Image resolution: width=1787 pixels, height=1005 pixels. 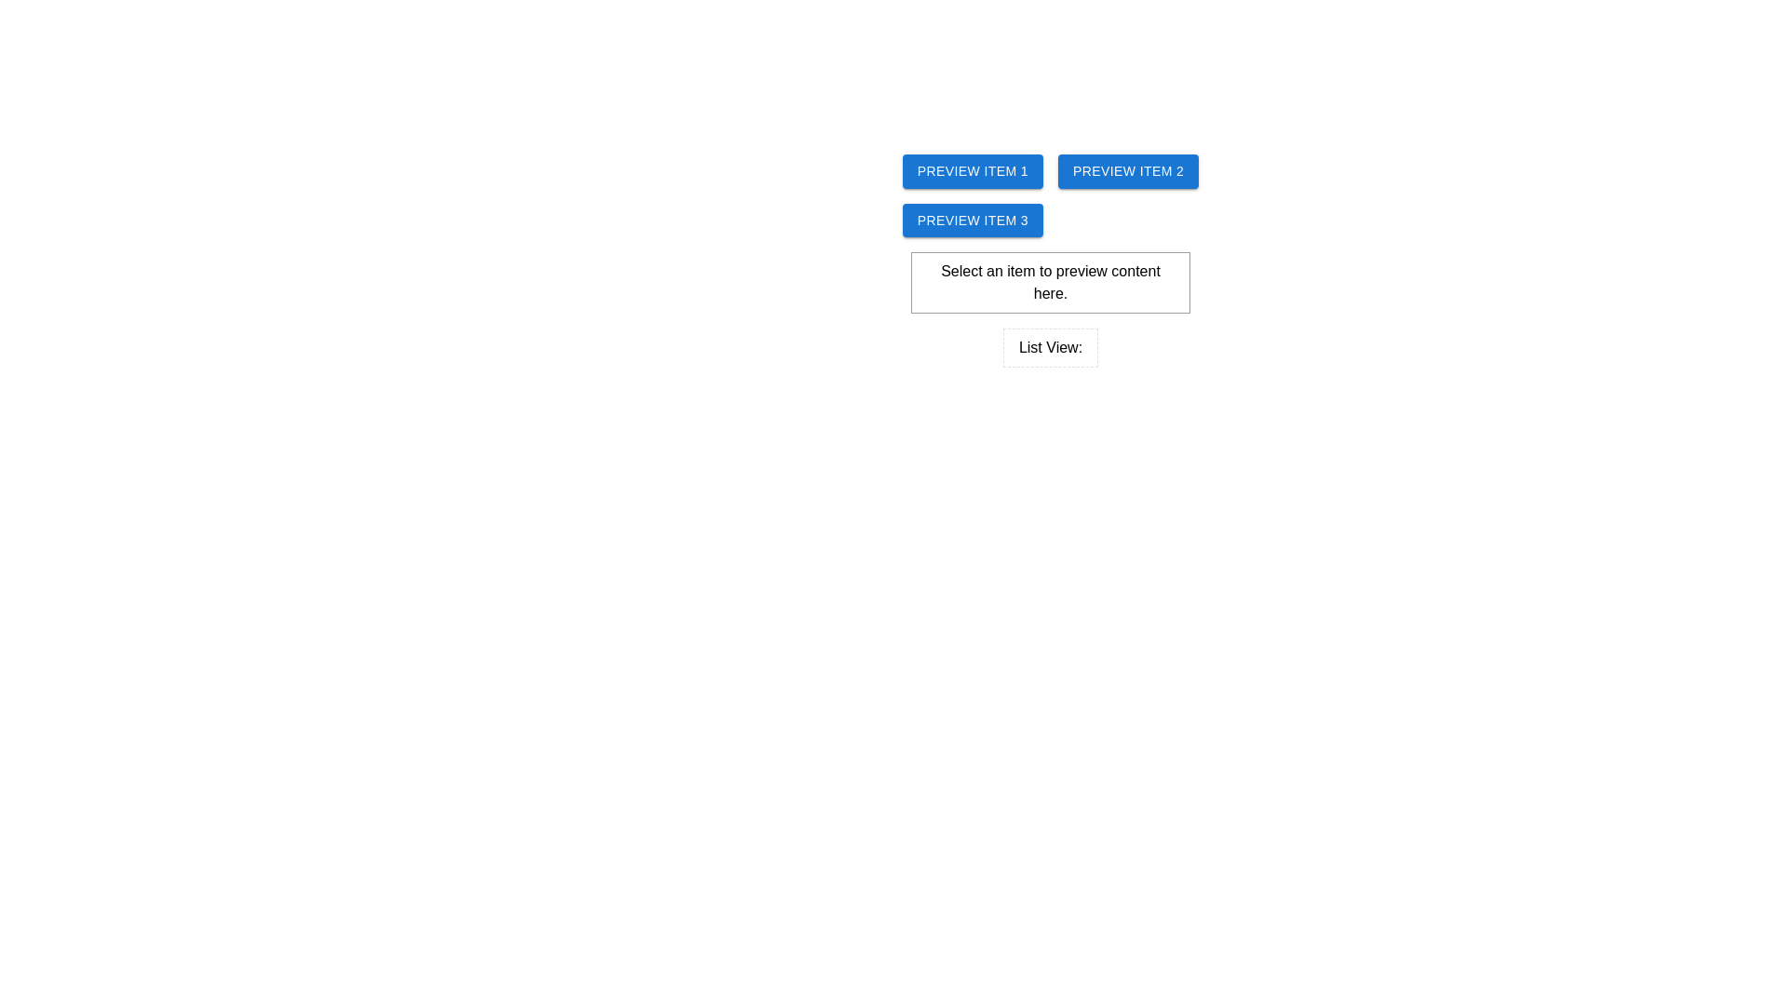 What do you see at coordinates (1050, 283) in the screenshot?
I see `text from the Information display box located below the buttons 'Preview Item 1', 'Preview Item 2', and 'Preview Item 3', and above the dashed-bordered box labeled 'List View:'` at bounding box center [1050, 283].